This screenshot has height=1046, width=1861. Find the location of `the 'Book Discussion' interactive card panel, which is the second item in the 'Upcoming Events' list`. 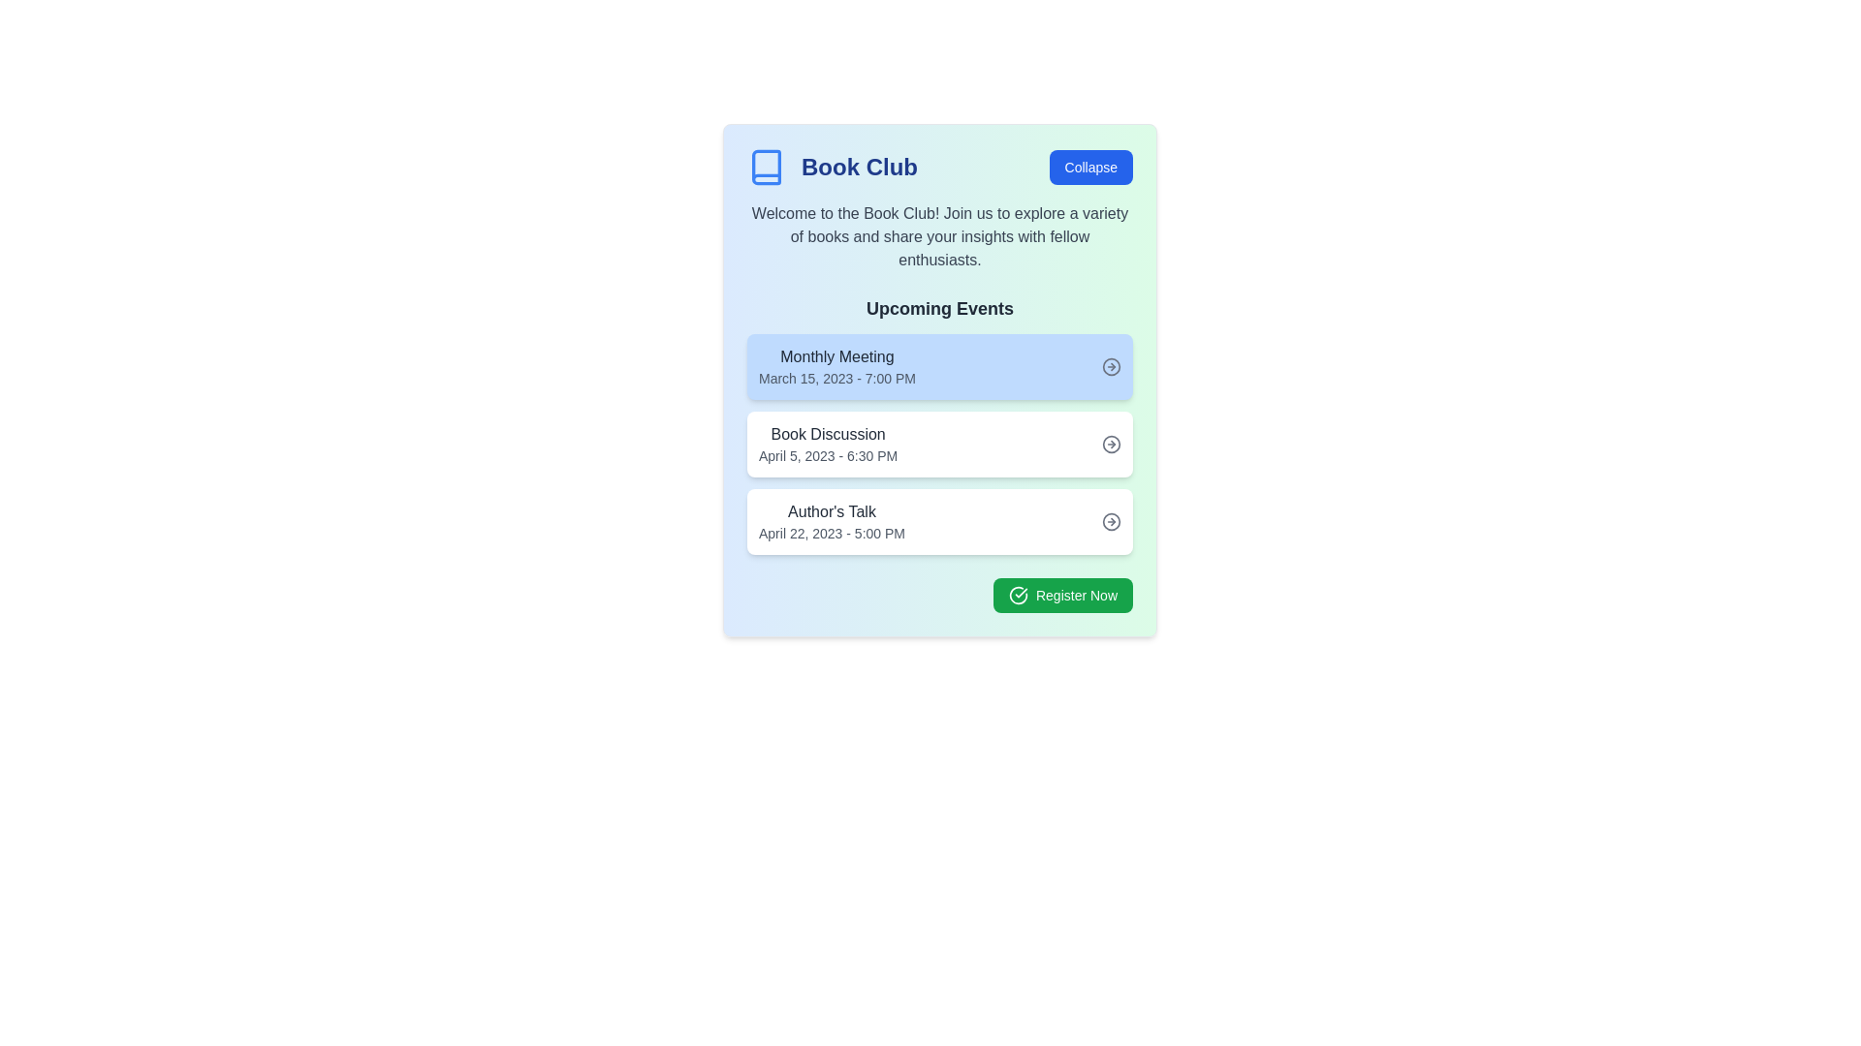

the 'Book Discussion' interactive card panel, which is the second item in the 'Upcoming Events' list is located at coordinates (939, 445).